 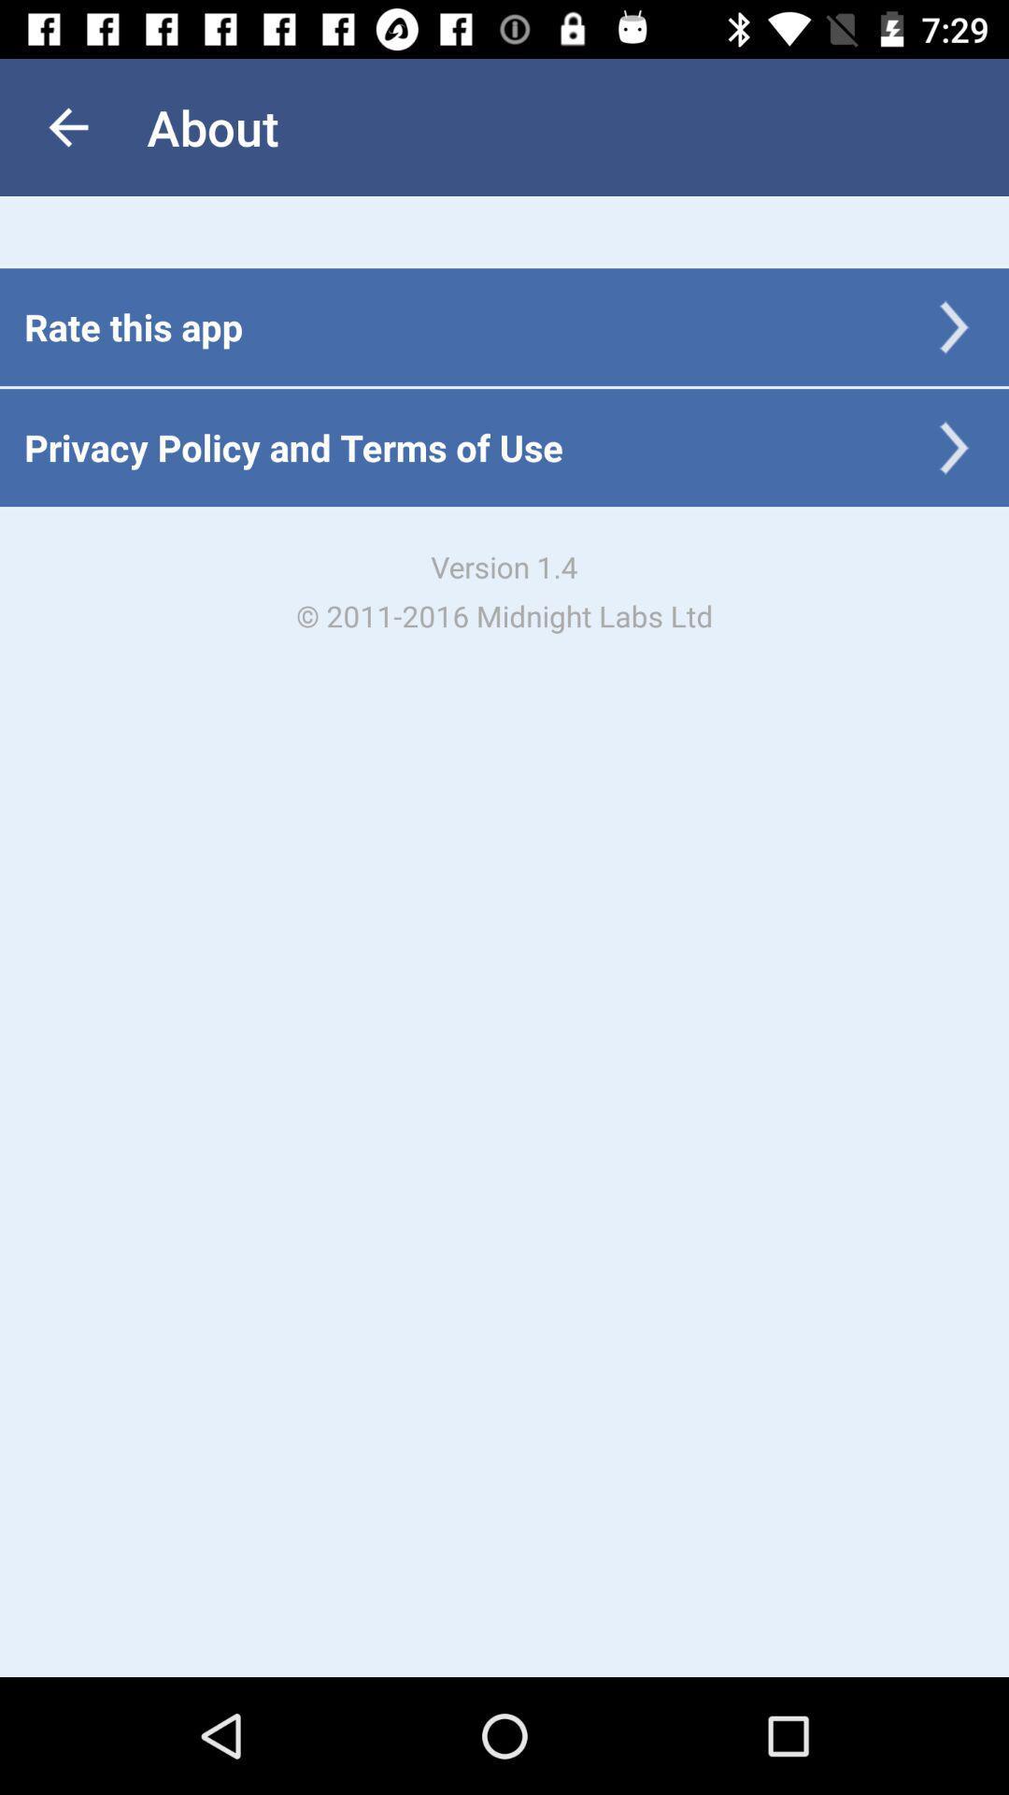 I want to click on item to the left of about, so click(x=67, y=126).